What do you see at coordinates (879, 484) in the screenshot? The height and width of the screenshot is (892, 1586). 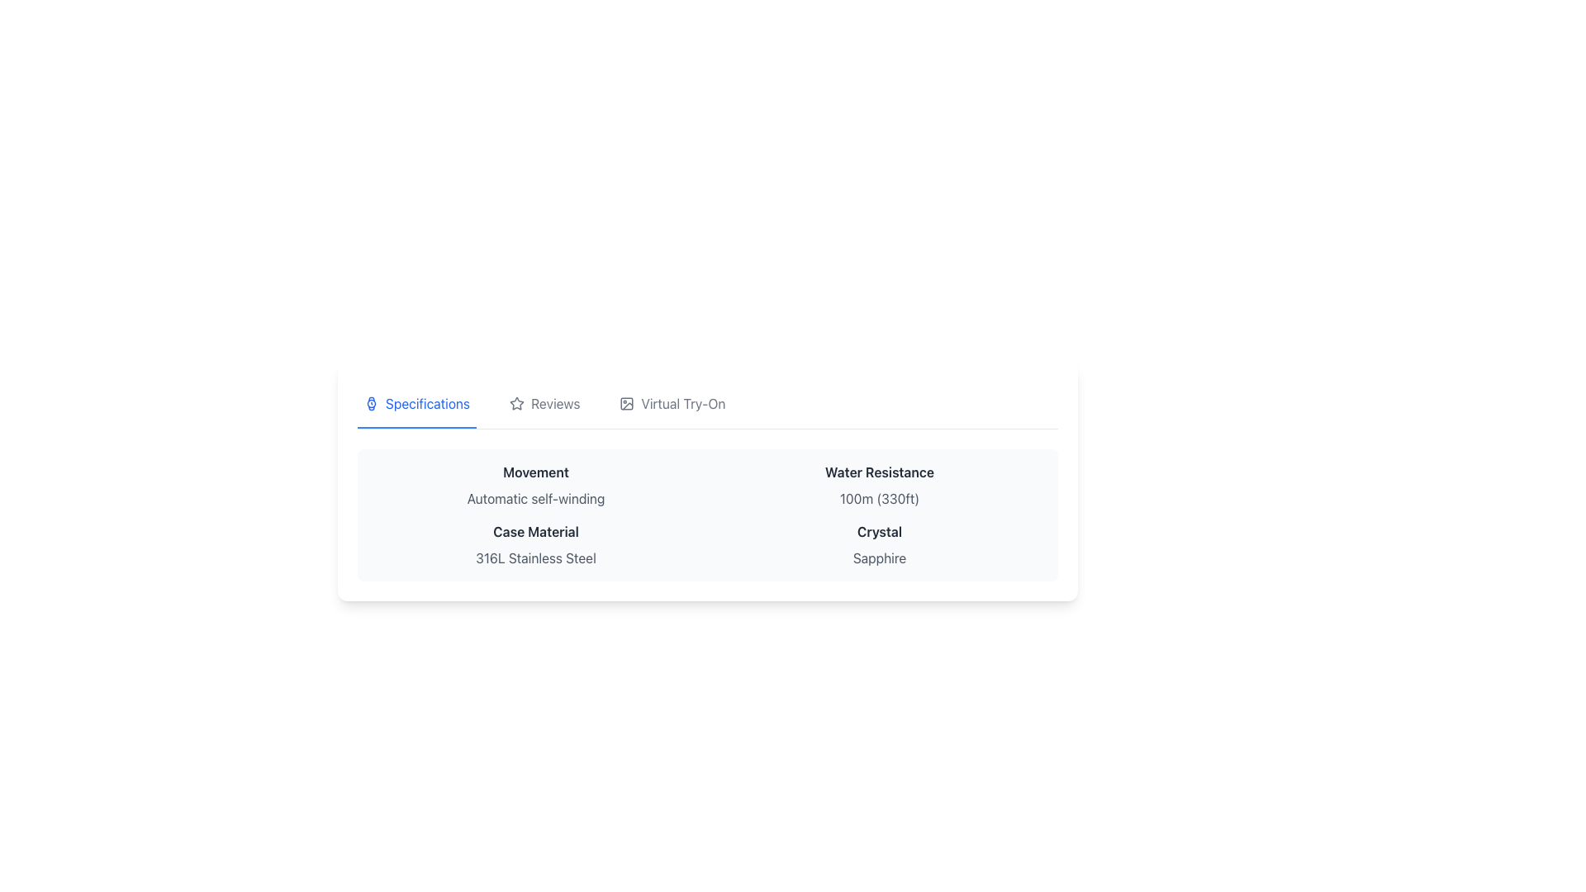 I see `the text element that provides information about the water resistance capability of the product, located in the right column, second row of the grid layout, under the 'Movement' section` at bounding box center [879, 484].